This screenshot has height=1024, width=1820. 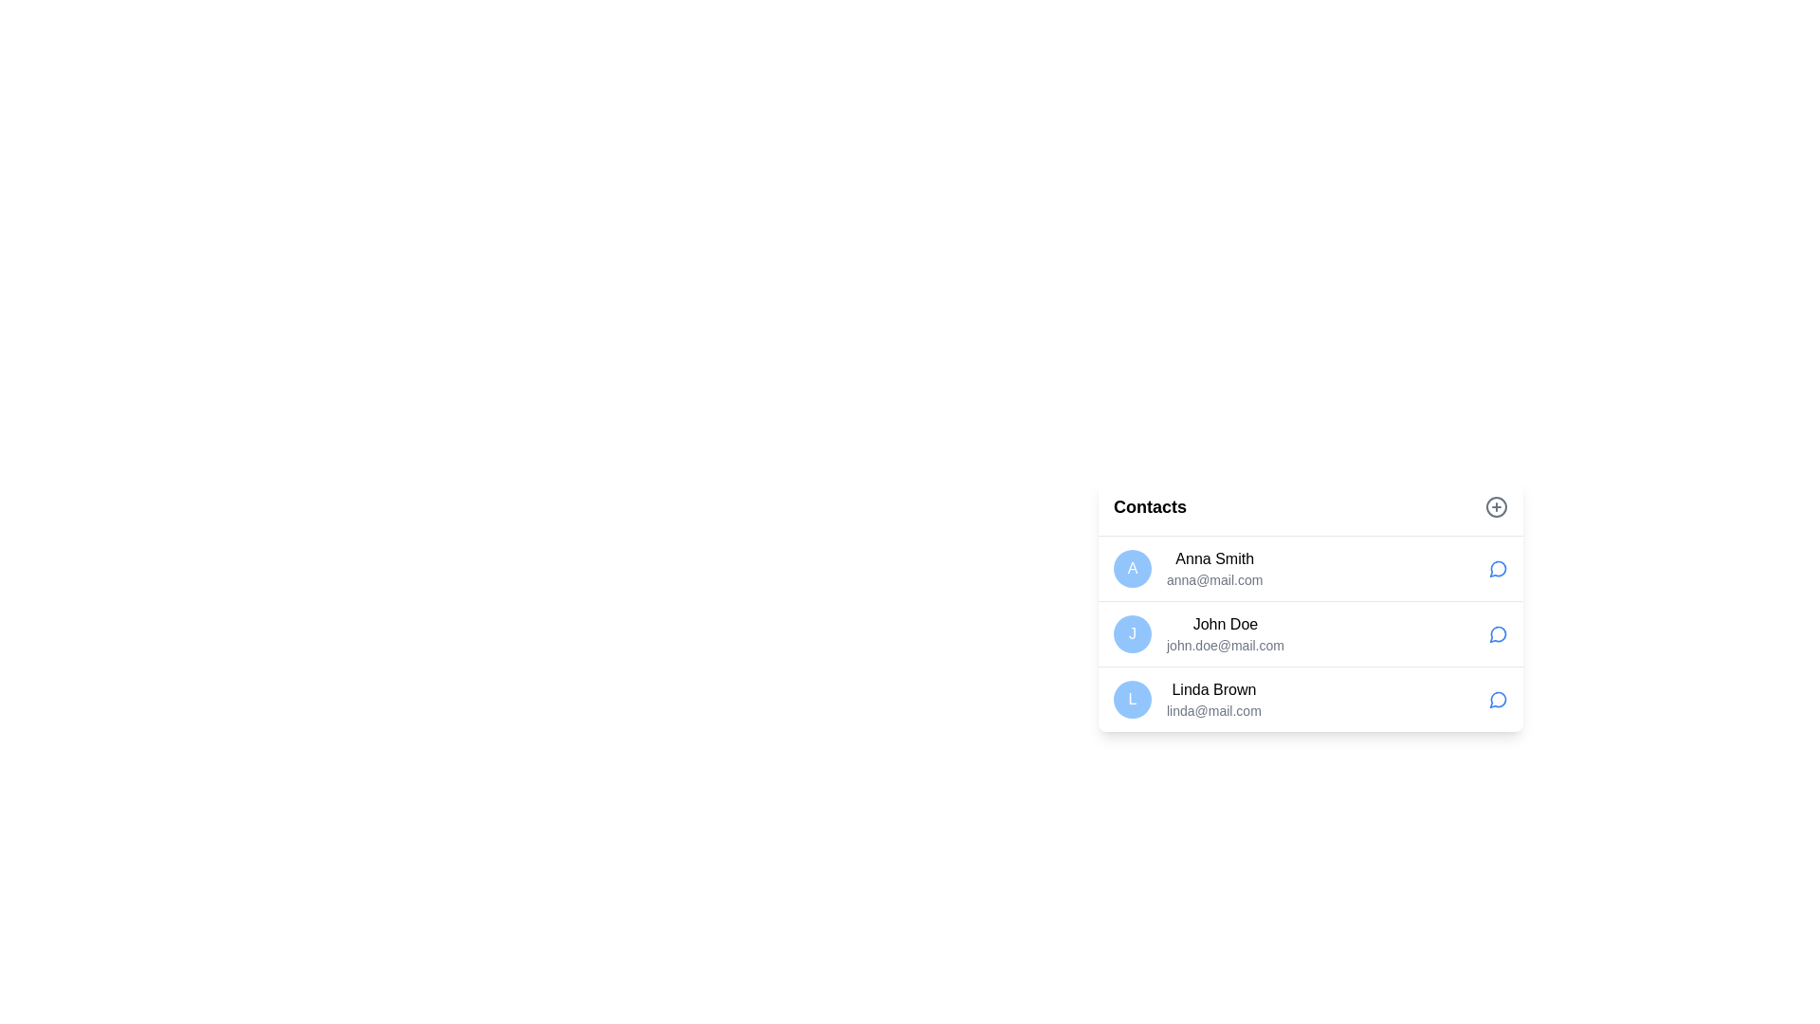 I want to click on the avatar or text of the contact details element, which is the third item in the vertical list inside the contact overview panel, so click(x=1186, y=699).